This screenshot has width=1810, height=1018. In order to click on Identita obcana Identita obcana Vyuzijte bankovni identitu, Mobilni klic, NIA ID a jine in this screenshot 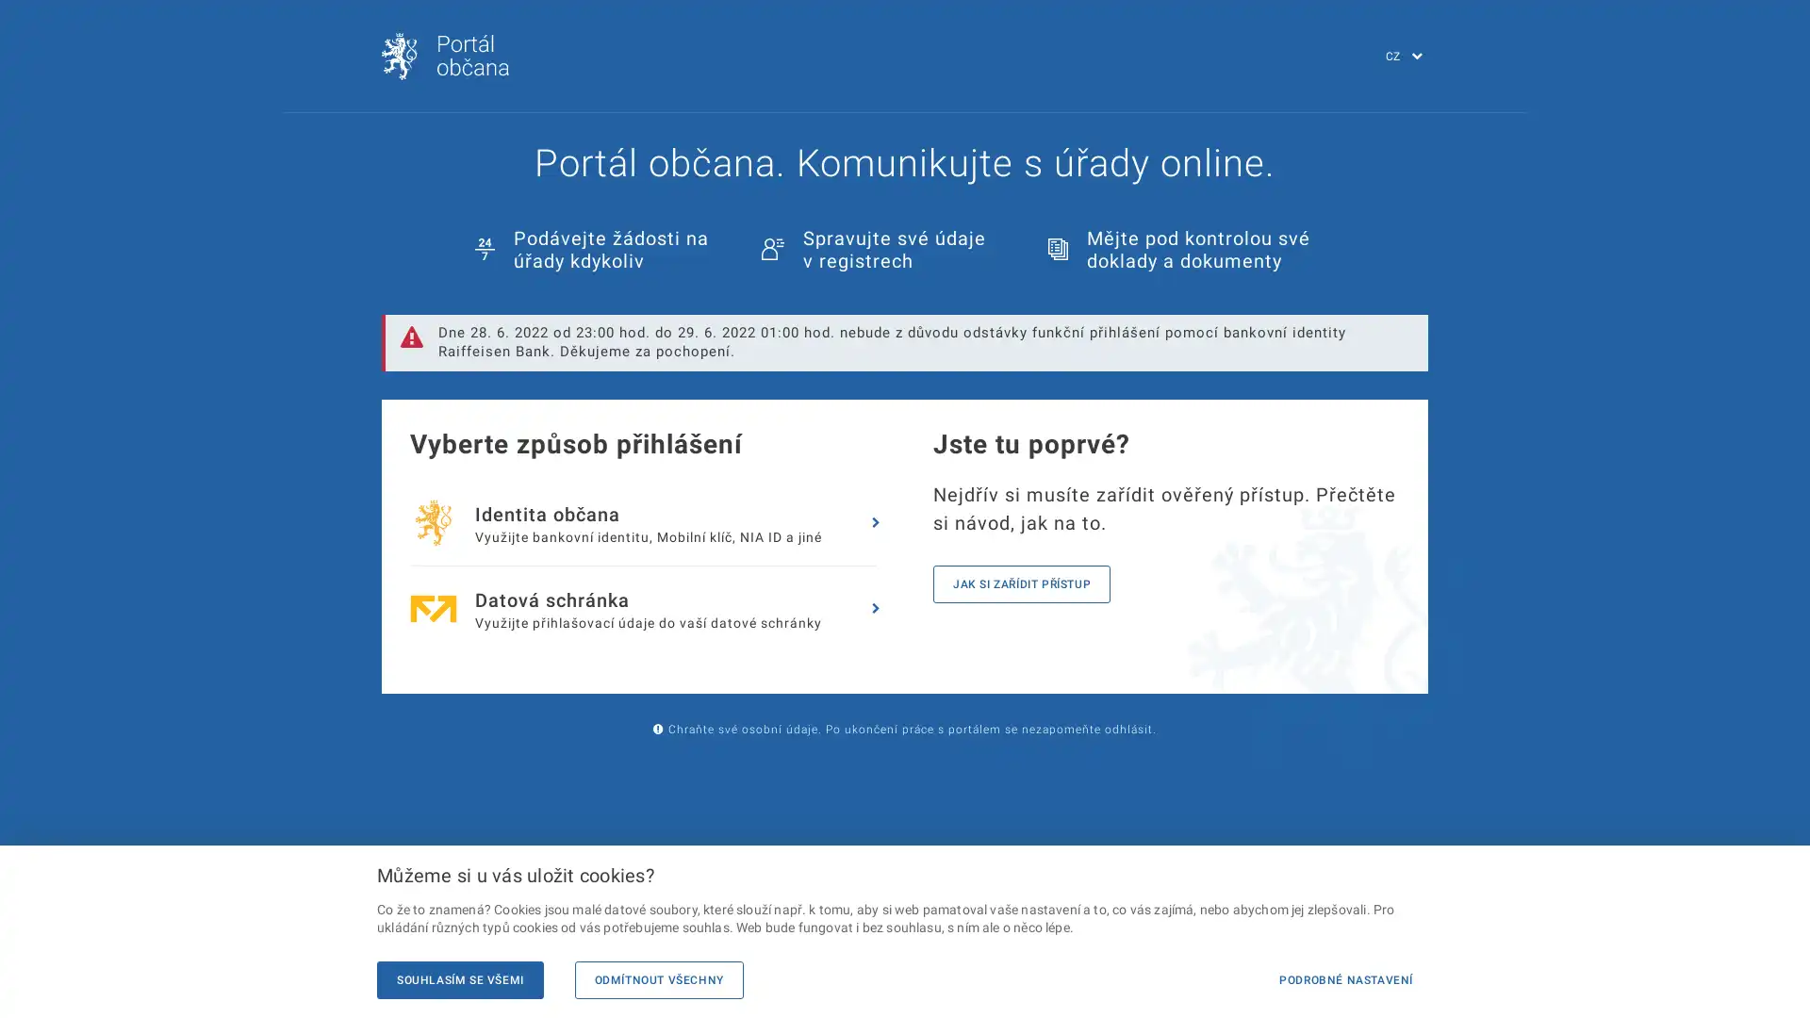, I will do `click(646, 523)`.